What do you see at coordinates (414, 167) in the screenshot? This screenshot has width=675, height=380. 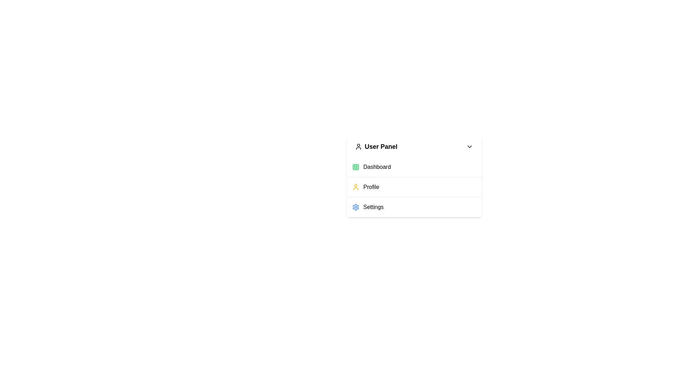 I see `the menu item Dashboard` at bounding box center [414, 167].